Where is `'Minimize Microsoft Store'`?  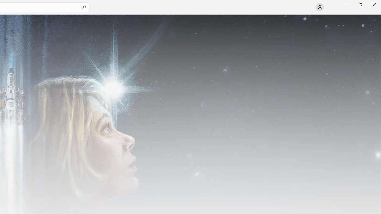 'Minimize Microsoft Store' is located at coordinates (346, 4).